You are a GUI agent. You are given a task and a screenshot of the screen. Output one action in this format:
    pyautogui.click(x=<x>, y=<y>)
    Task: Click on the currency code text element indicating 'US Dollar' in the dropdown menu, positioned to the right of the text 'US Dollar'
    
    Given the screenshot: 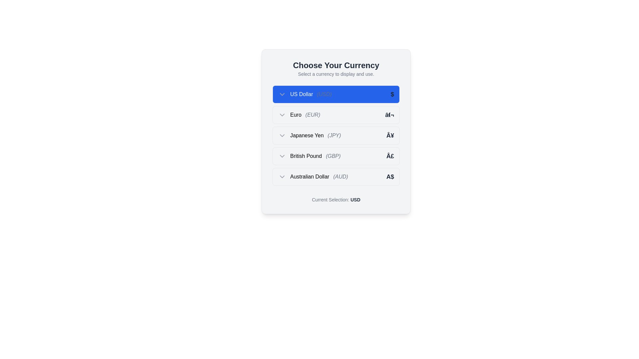 What is the action you would take?
    pyautogui.click(x=324, y=94)
    